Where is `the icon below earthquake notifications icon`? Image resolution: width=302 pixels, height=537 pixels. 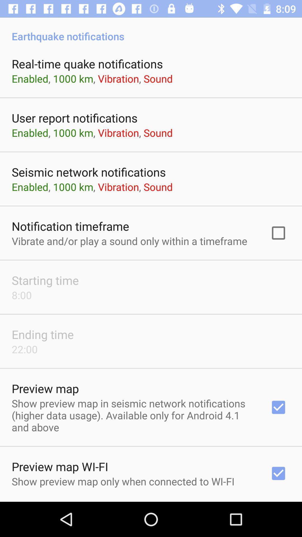 the icon below earthquake notifications icon is located at coordinates (87, 64).